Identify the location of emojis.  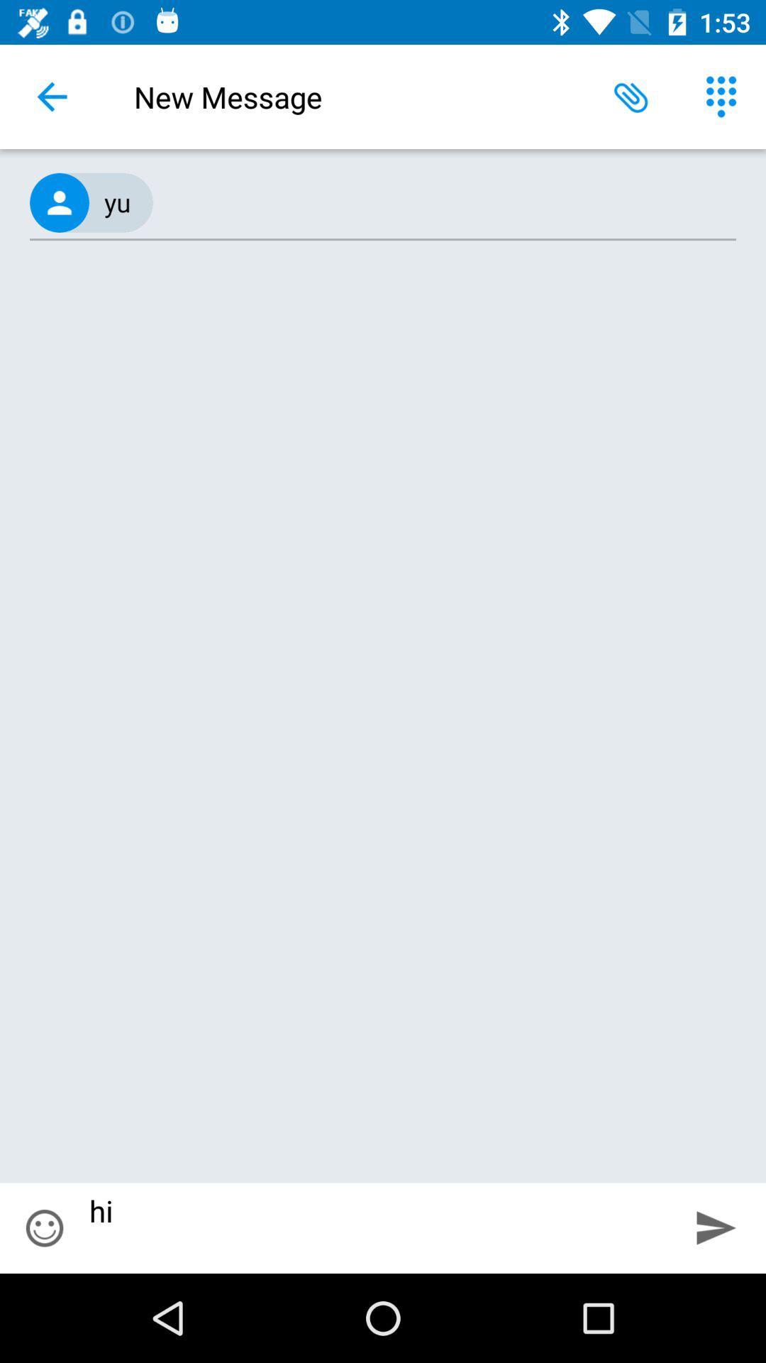
(43, 1227).